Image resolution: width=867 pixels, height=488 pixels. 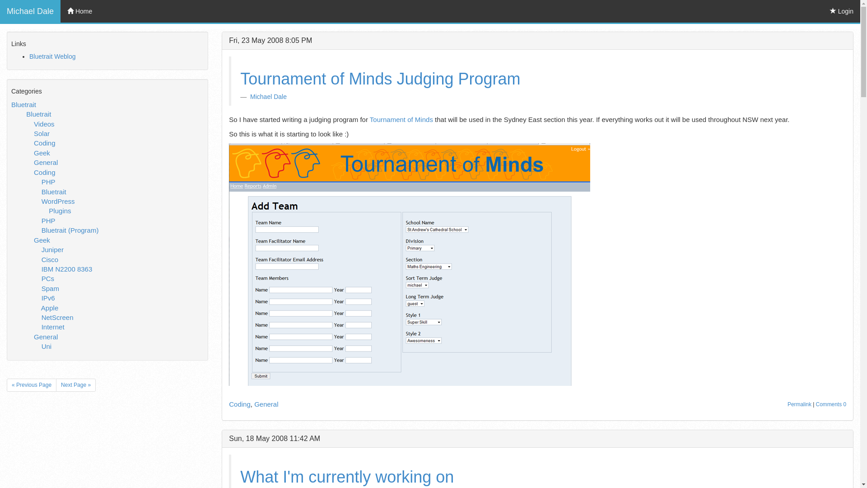 I want to click on 'IBM N2200 8363', so click(x=66, y=268).